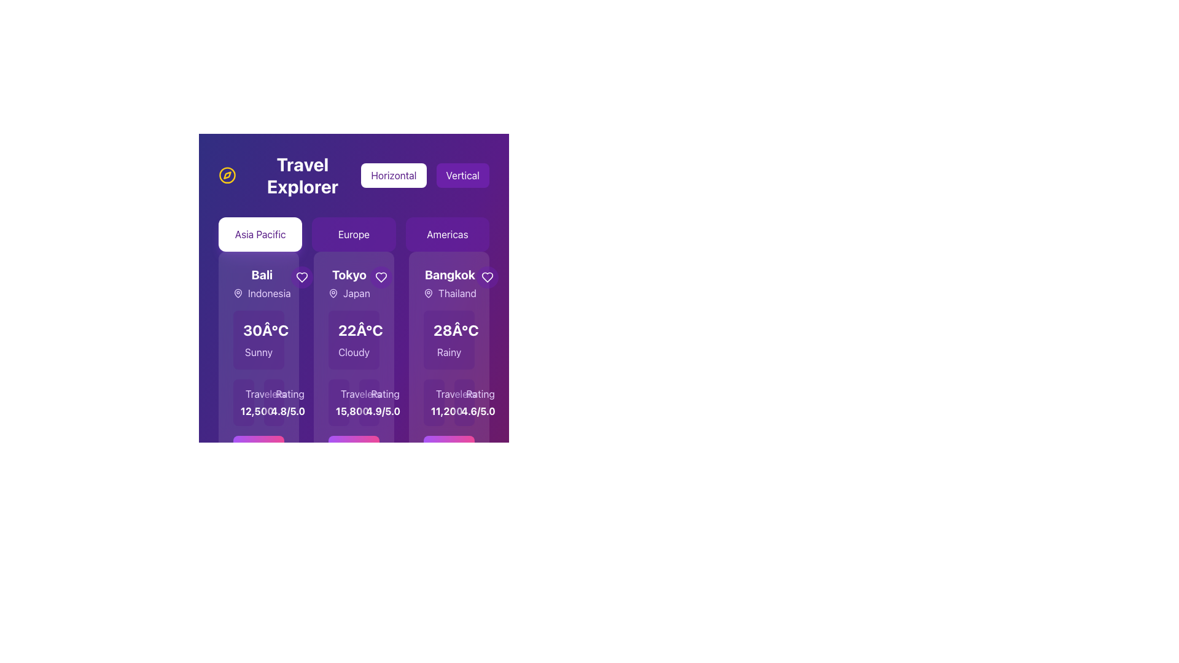 The height and width of the screenshot is (663, 1179). What do you see at coordinates (265, 394) in the screenshot?
I see `the text label 'Travelers' styled with a purple font located in the purple card layout under the 'Bali' column of the travel dashboard` at bounding box center [265, 394].